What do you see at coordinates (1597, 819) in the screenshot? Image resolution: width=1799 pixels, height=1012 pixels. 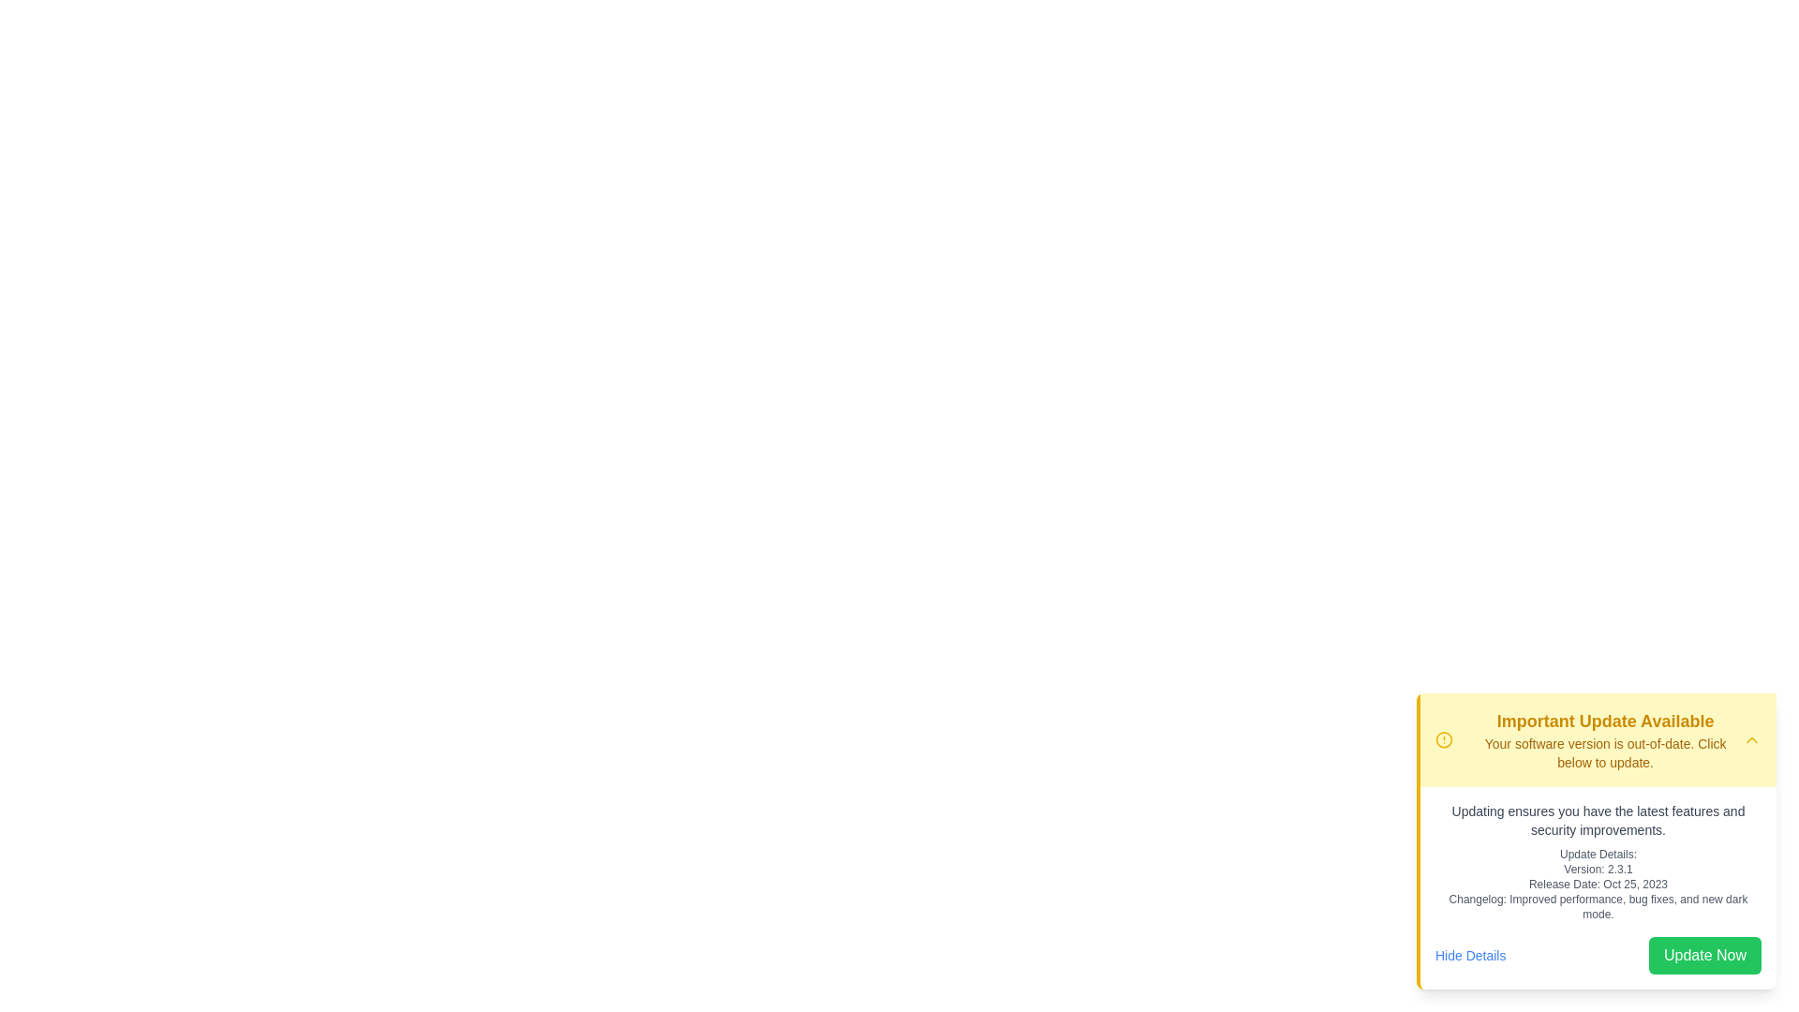 I see `the text block displaying the message: 'Updating ensures you have the latest features and security improvements.' which is located centrally under a yellow-highlighted title section in an informational card` at bounding box center [1597, 819].